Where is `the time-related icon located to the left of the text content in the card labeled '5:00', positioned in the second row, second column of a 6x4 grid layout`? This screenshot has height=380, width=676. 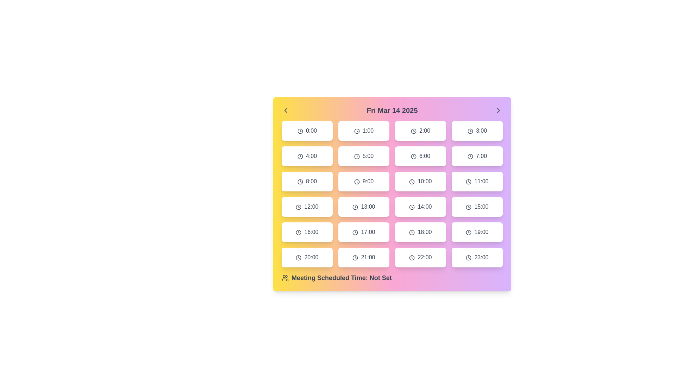
the time-related icon located to the left of the text content in the card labeled '5:00', positioned in the second row, second column of a 6x4 grid layout is located at coordinates (357, 156).